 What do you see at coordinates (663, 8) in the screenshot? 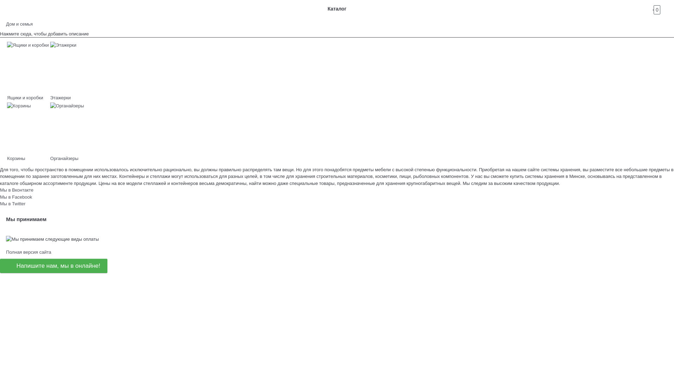
I see `'0'` at bounding box center [663, 8].